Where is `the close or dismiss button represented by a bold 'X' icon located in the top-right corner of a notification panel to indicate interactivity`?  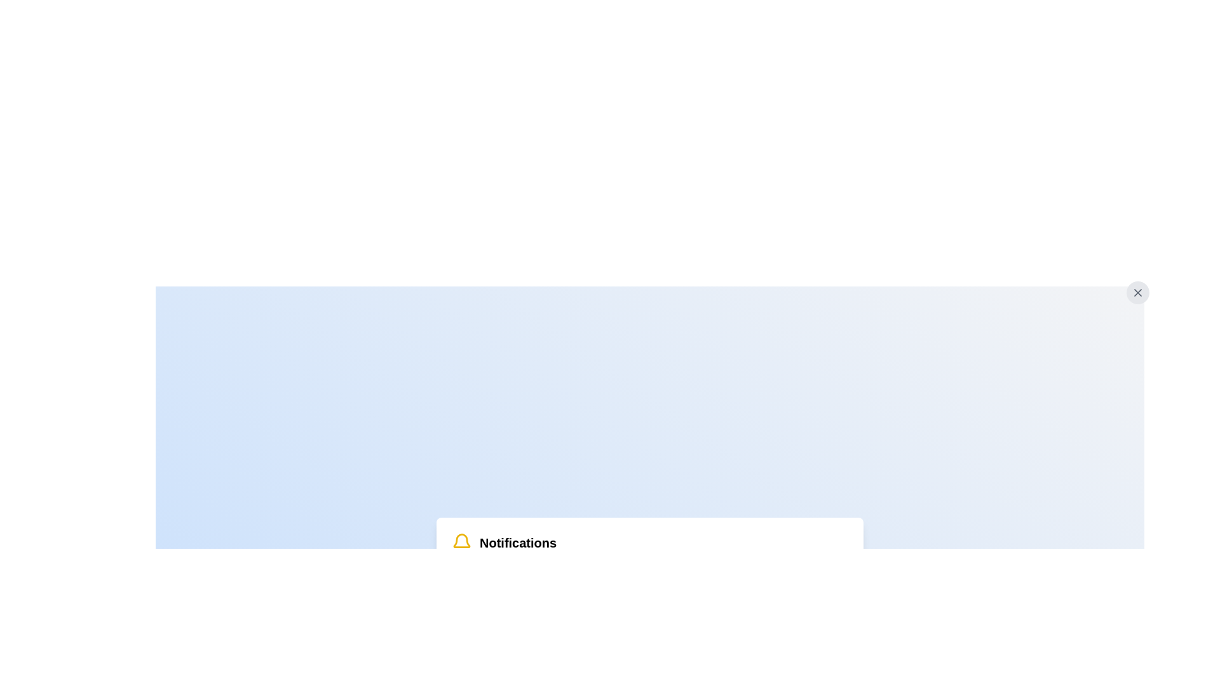 the close or dismiss button represented by a bold 'X' icon located in the top-right corner of a notification panel to indicate interactivity is located at coordinates (1137, 293).